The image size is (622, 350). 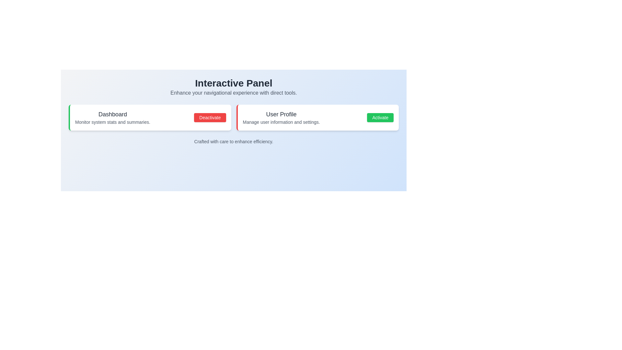 What do you see at coordinates (281, 114) in the screenshot?
I see `the Text Label that serves as a title for user profile management, located in the middle section of the panel above the text 'Manage user information and settings.'` at bounding box center [281, 114].